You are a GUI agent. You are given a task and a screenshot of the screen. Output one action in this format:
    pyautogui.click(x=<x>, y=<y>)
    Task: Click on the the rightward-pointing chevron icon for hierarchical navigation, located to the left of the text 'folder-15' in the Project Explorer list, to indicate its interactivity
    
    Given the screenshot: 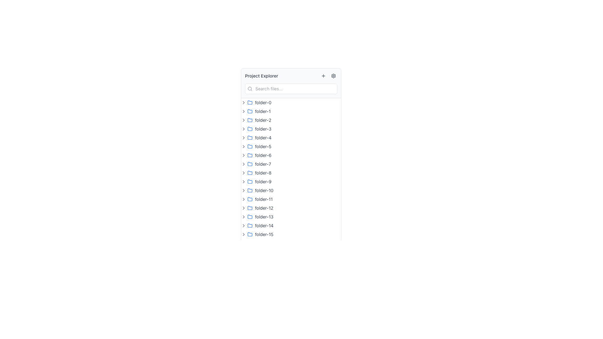 What is the action you would take?
    pyautogui.click(x=243, y=234)
    